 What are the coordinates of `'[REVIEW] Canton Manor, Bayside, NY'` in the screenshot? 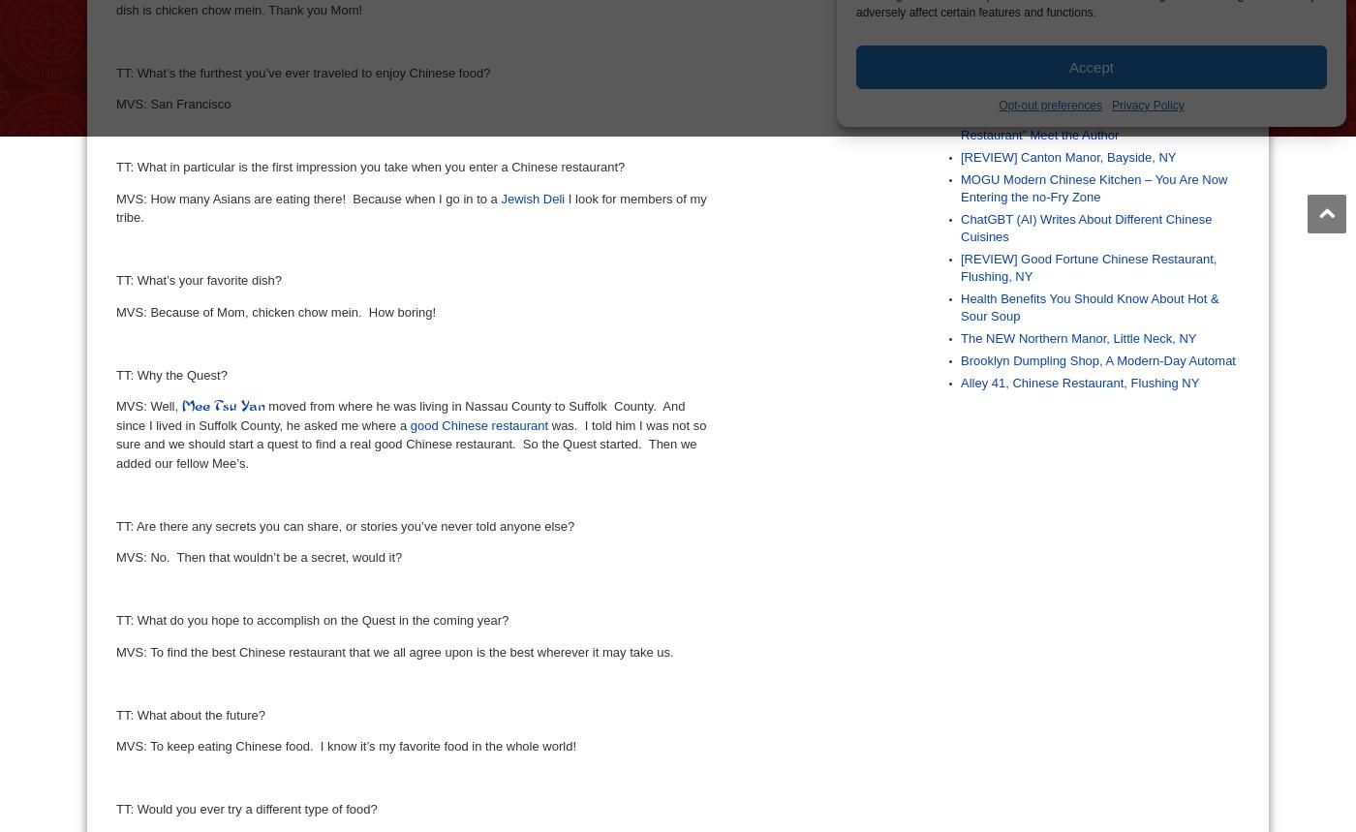 It's located at (1068, 155).